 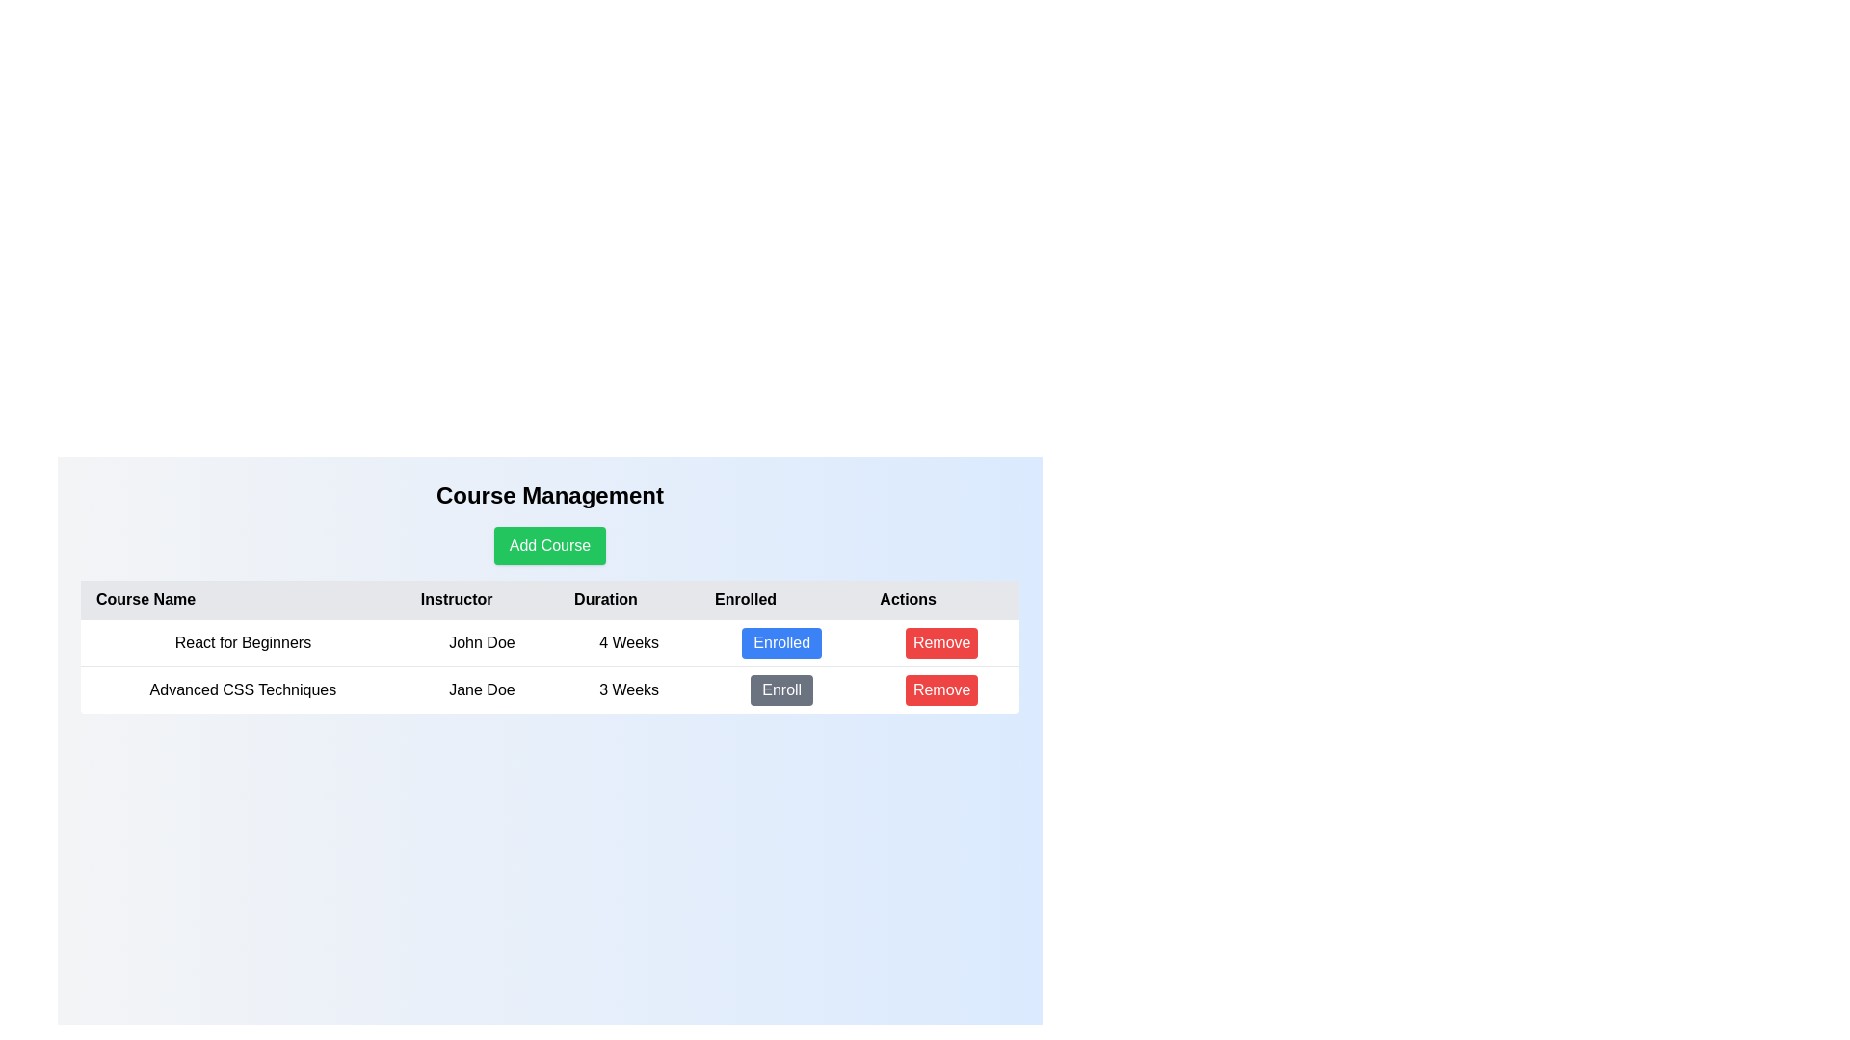 What do you see at coordinates (549, 495) in the screenshot?
I see `the heading that serves as a title for the course management section, located above the 'Add Course' button and course table` at bounding box center [549, 495].